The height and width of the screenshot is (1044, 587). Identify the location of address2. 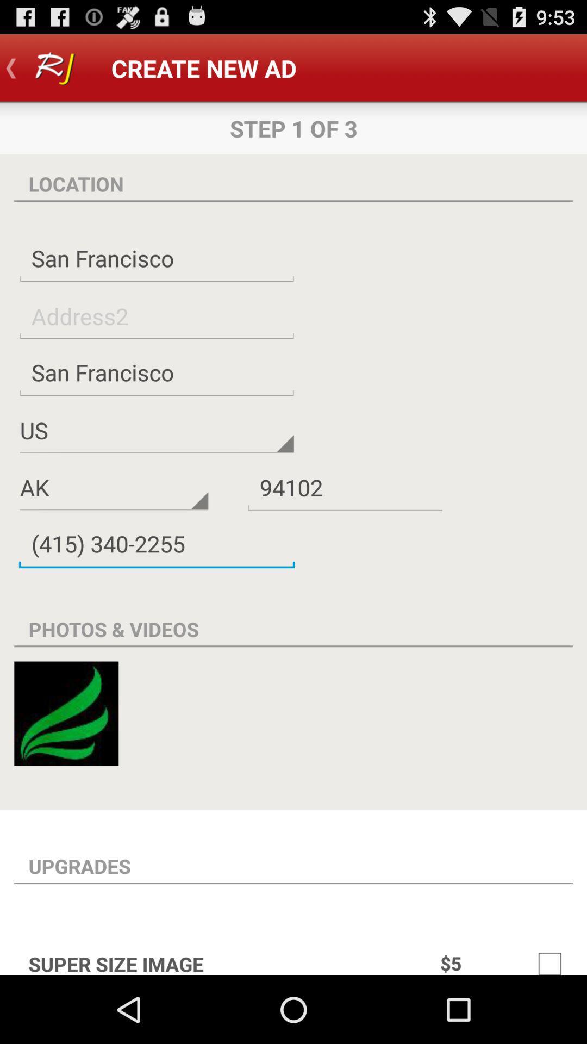
(157, 315).